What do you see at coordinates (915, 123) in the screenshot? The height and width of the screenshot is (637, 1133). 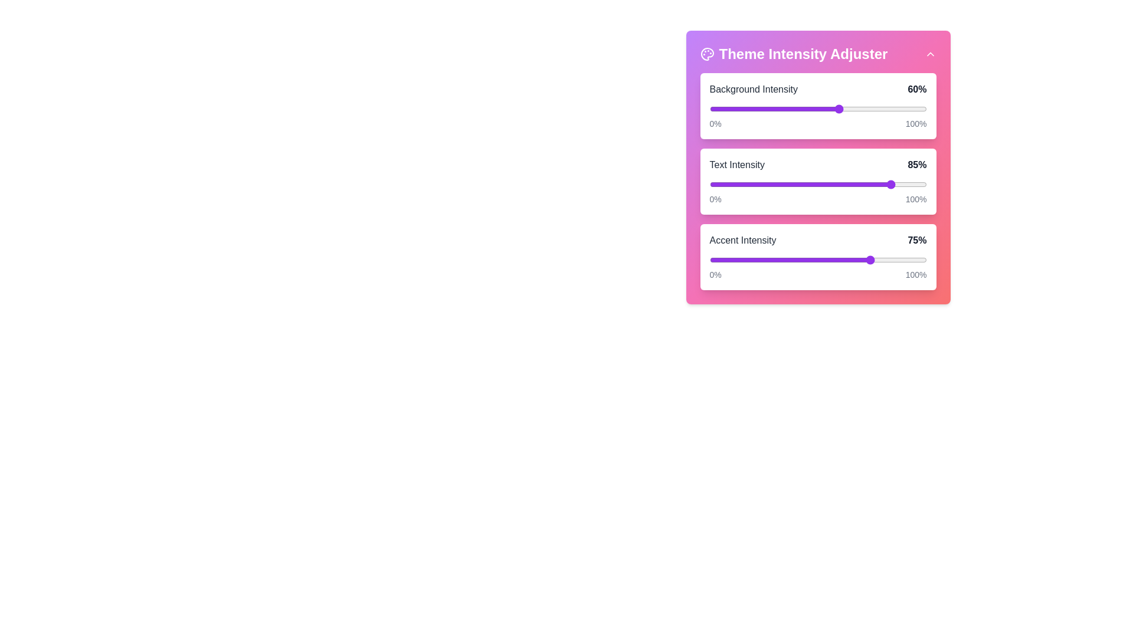 I see `the text label displaying '100%' located at the far right of the horizontal slider in the 'Background Intensity' section of the settings panel` at bounding box center [915, 123].